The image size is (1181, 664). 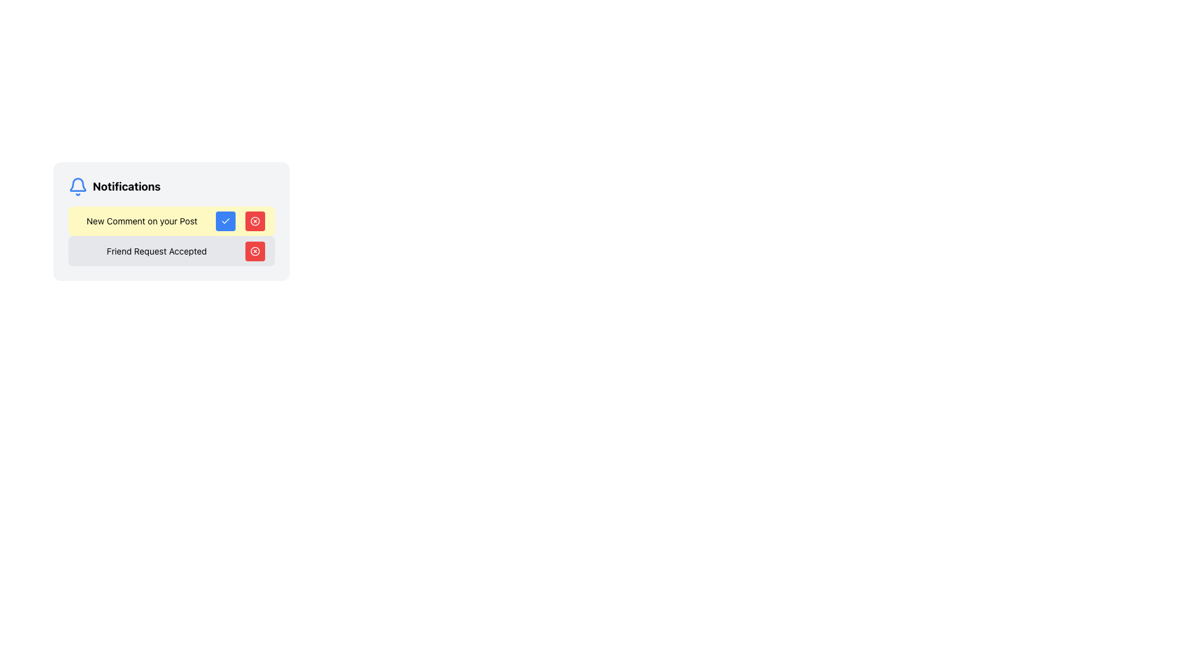 I want to click on the small, round red button with a white cross icon located to the far right of the 'Friend Request Accepted' notification, so click(x=254, y=250).